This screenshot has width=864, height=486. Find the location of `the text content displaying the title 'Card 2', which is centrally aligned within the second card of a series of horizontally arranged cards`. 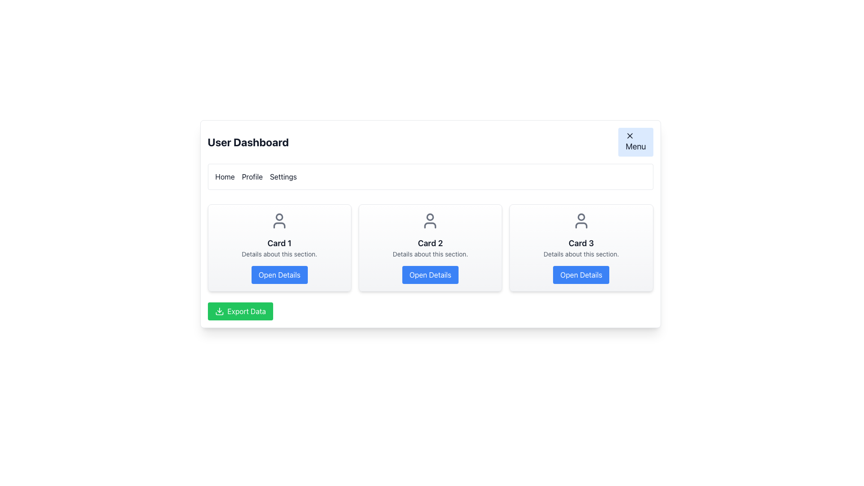

the text content displaying the title 'Card 2', which is centrally aligned within the second card of a series of horizontally arranged cards is located at coordinates (430, 243).